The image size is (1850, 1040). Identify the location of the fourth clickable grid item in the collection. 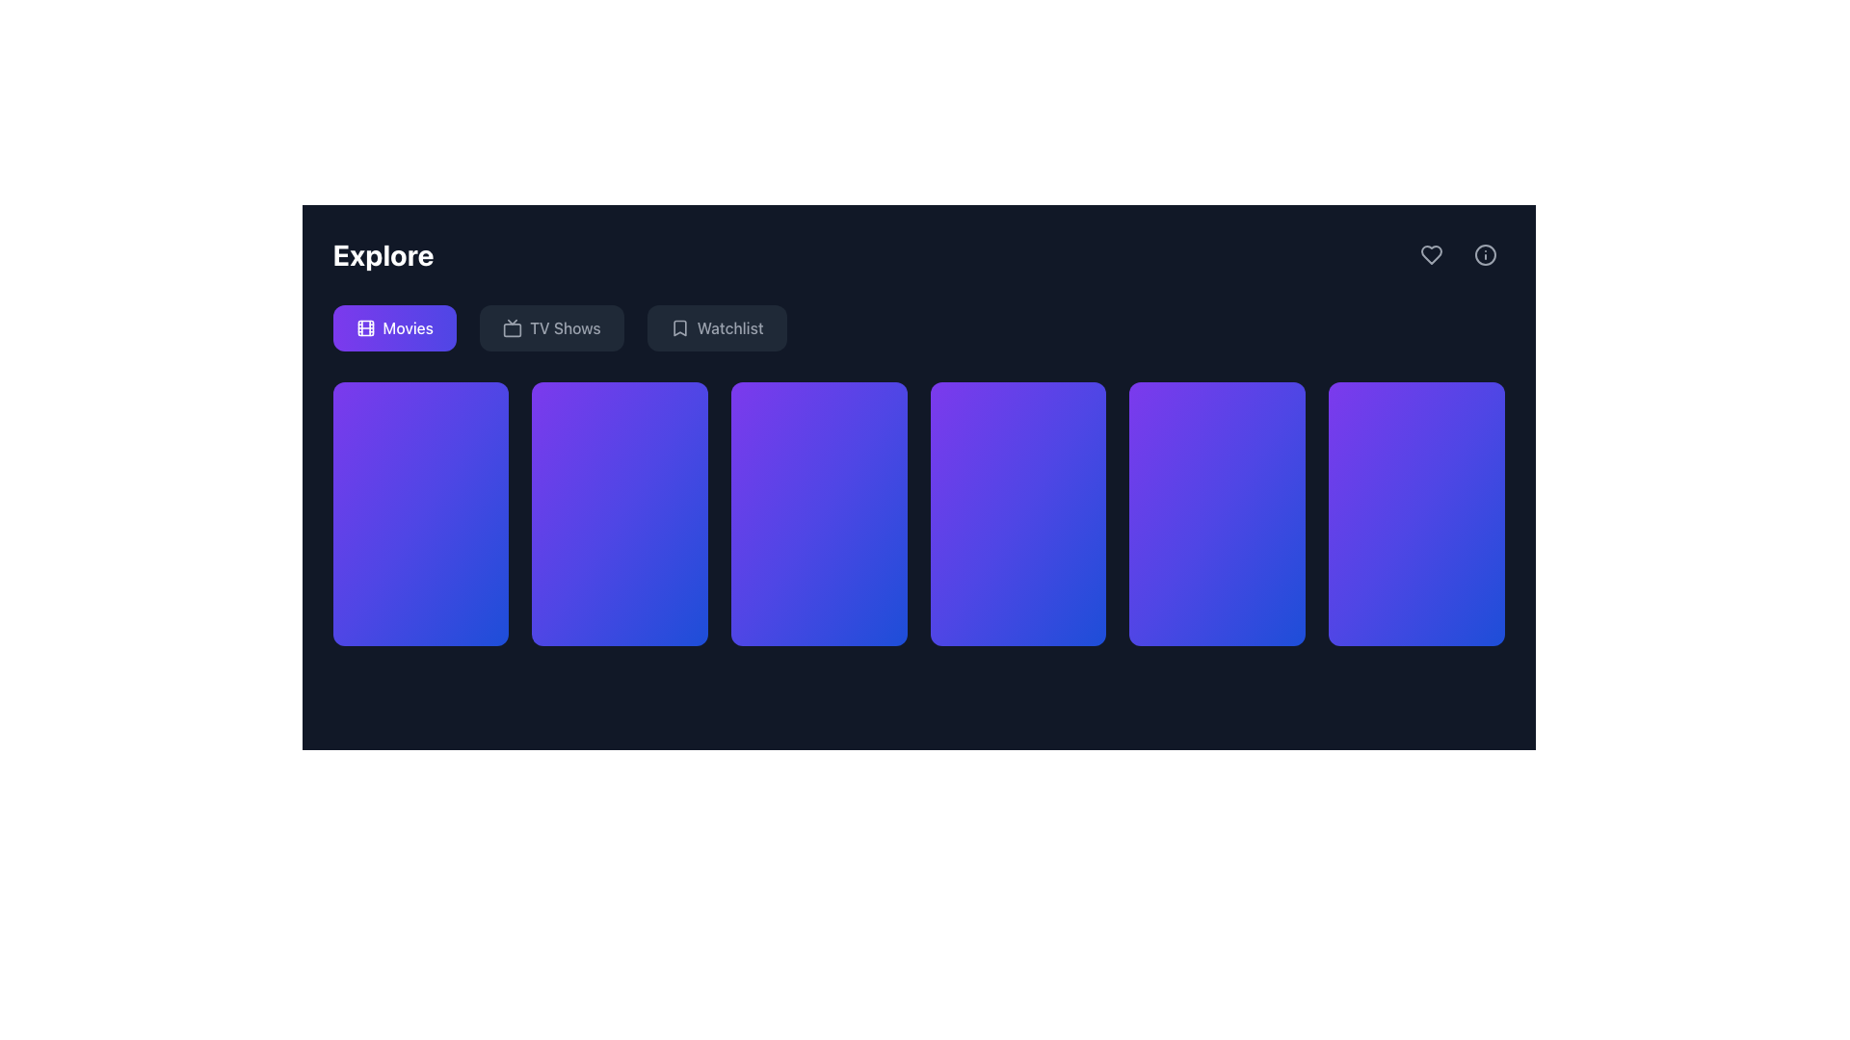
(819, 512).